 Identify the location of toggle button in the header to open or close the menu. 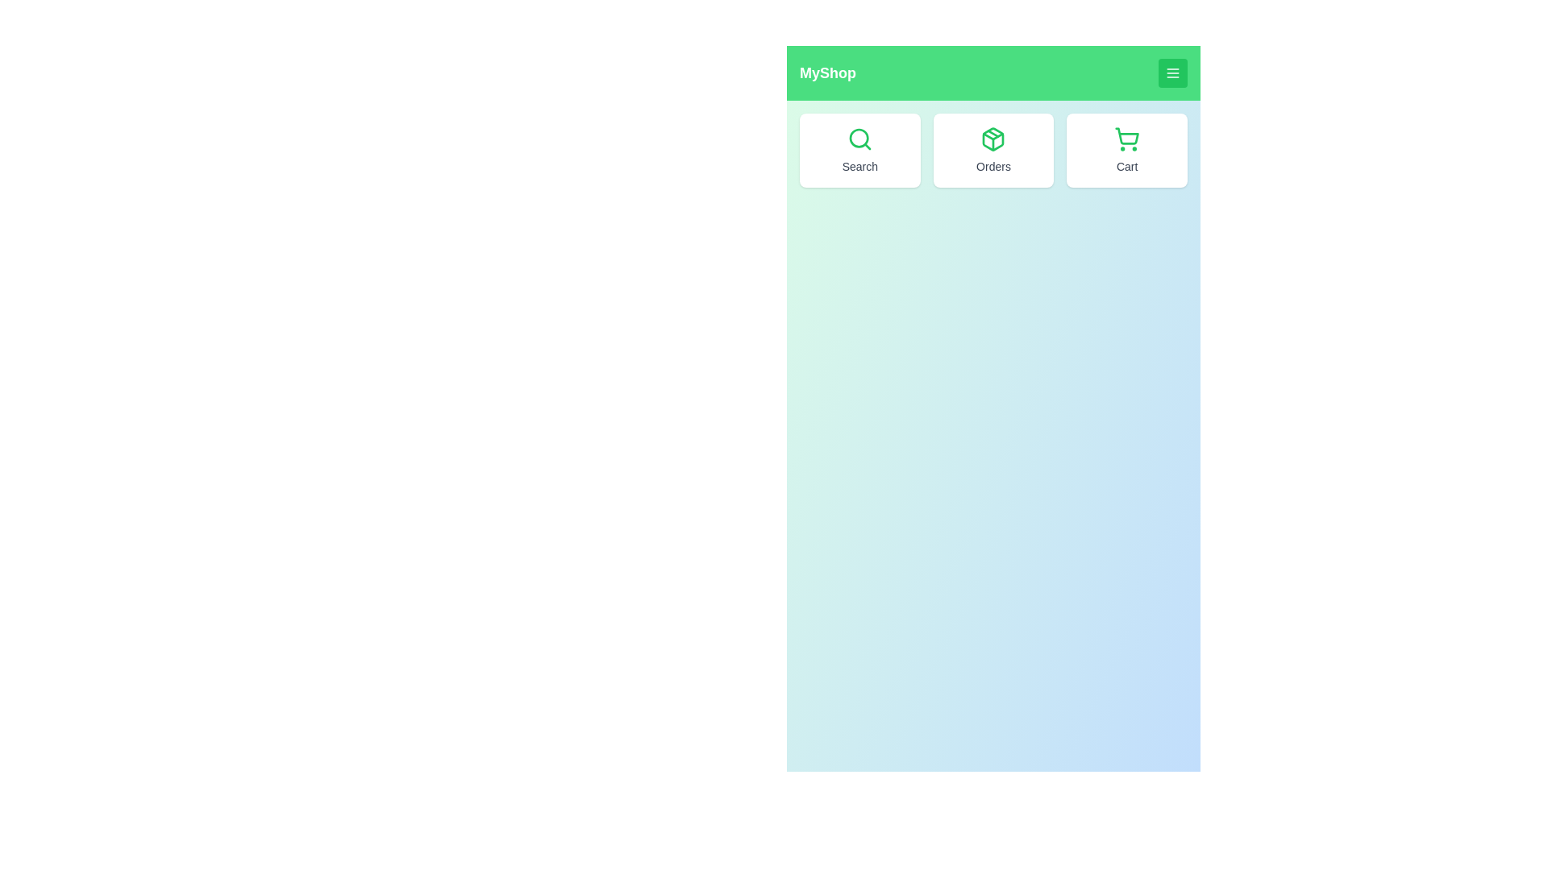
(1172, 73).